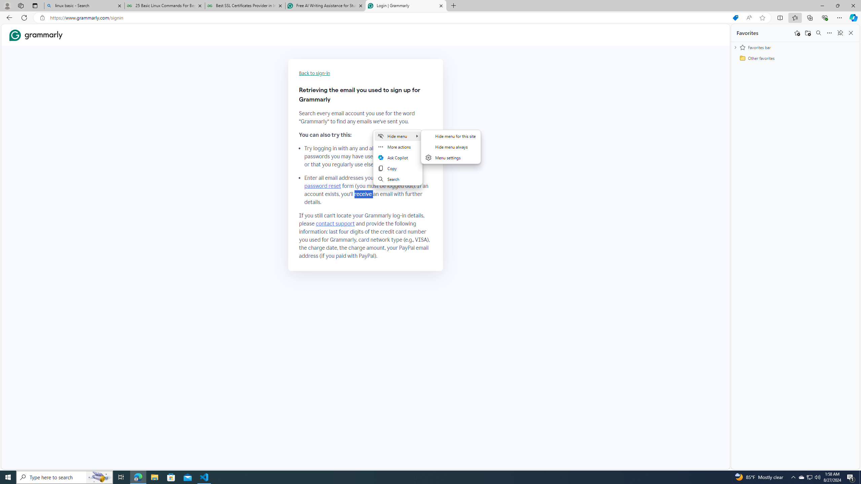  Describe the element at coordinates (323, 186) in the screenshot. I see `'password reset'` at that location.